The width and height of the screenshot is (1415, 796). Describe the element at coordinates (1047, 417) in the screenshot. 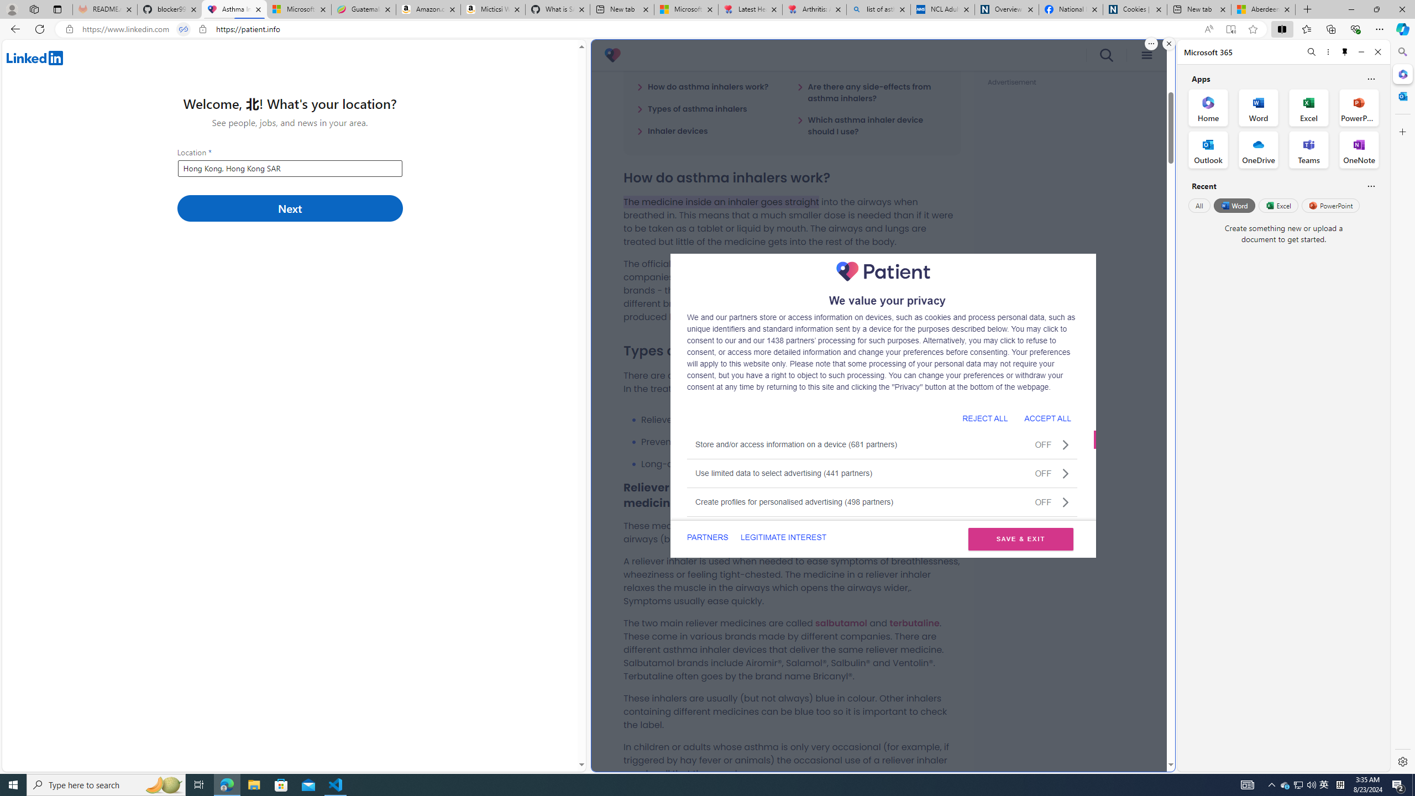

I see `'ACCEPT ALL'` at that location.